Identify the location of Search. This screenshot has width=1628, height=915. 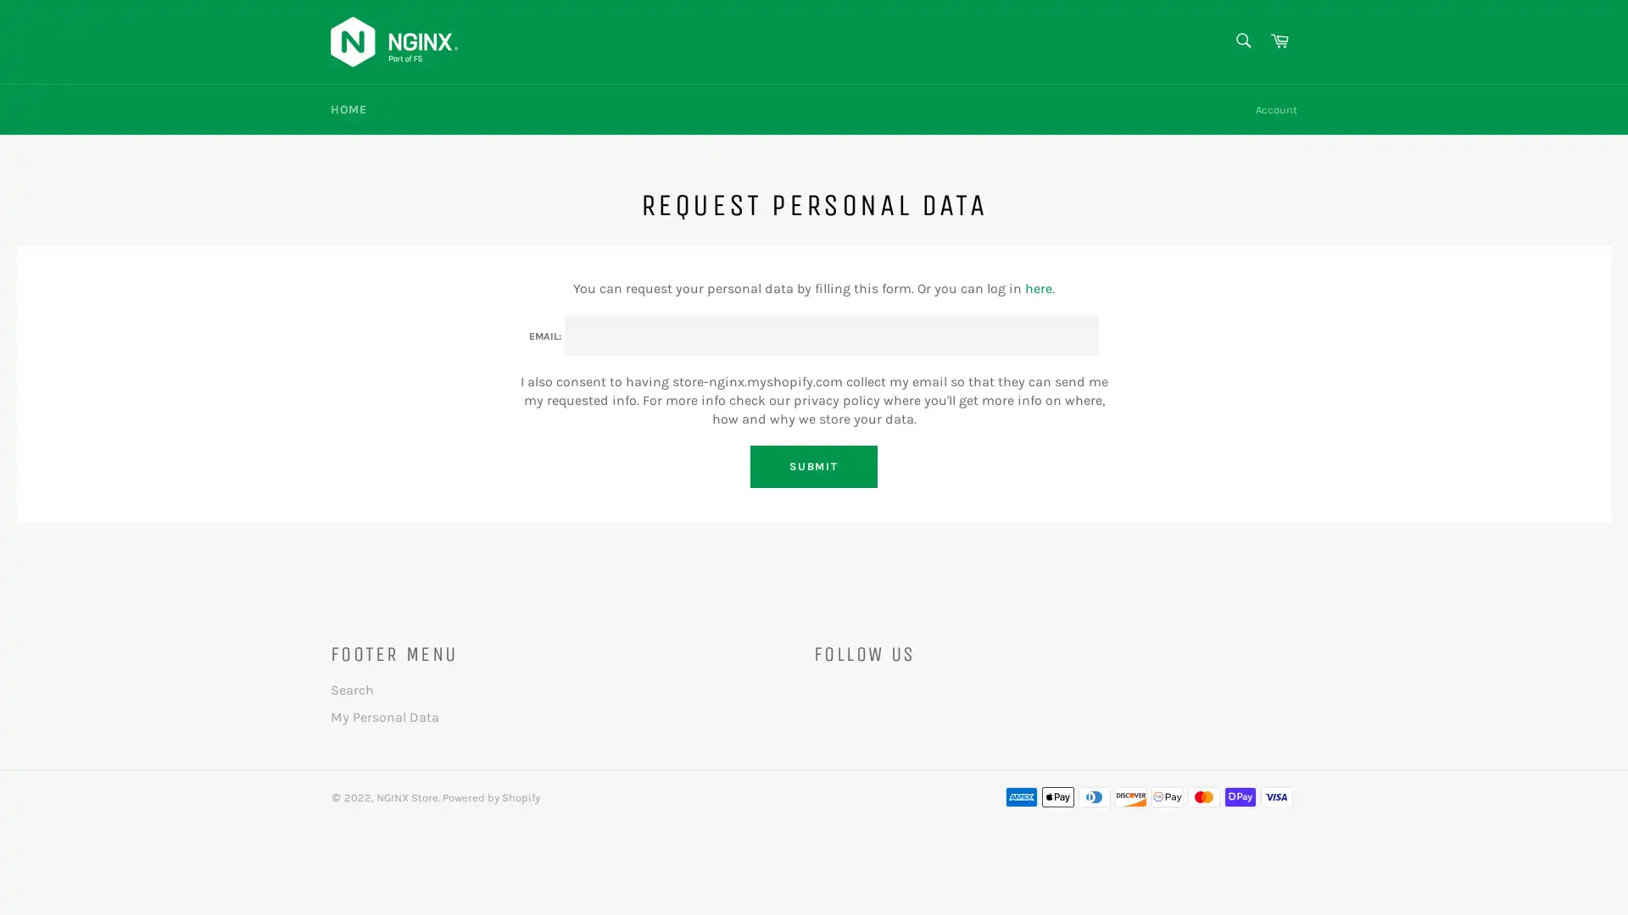
(1241, 39).